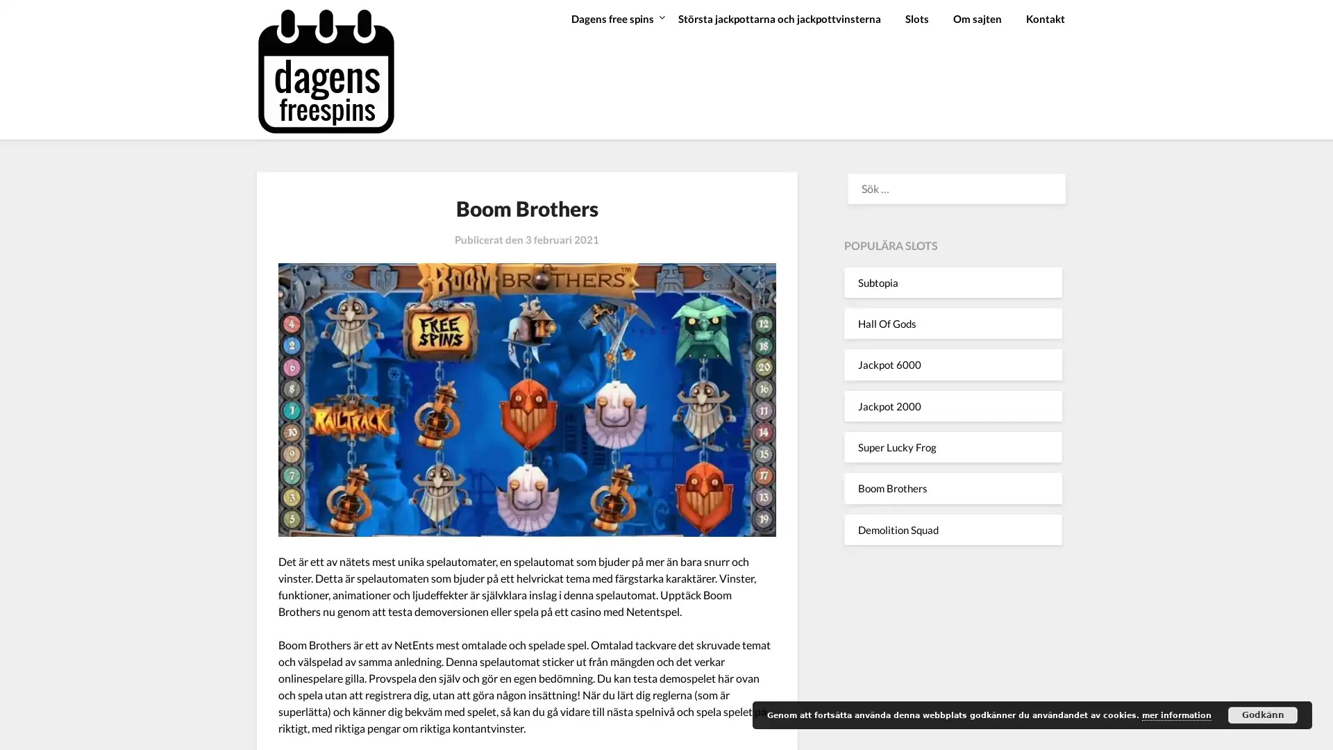 This screenshot has height=750, width=1333. What do you see at coordinates (1263, 715) in the screenshot?
I see `Godkann` at bounding box center [1263, 715].